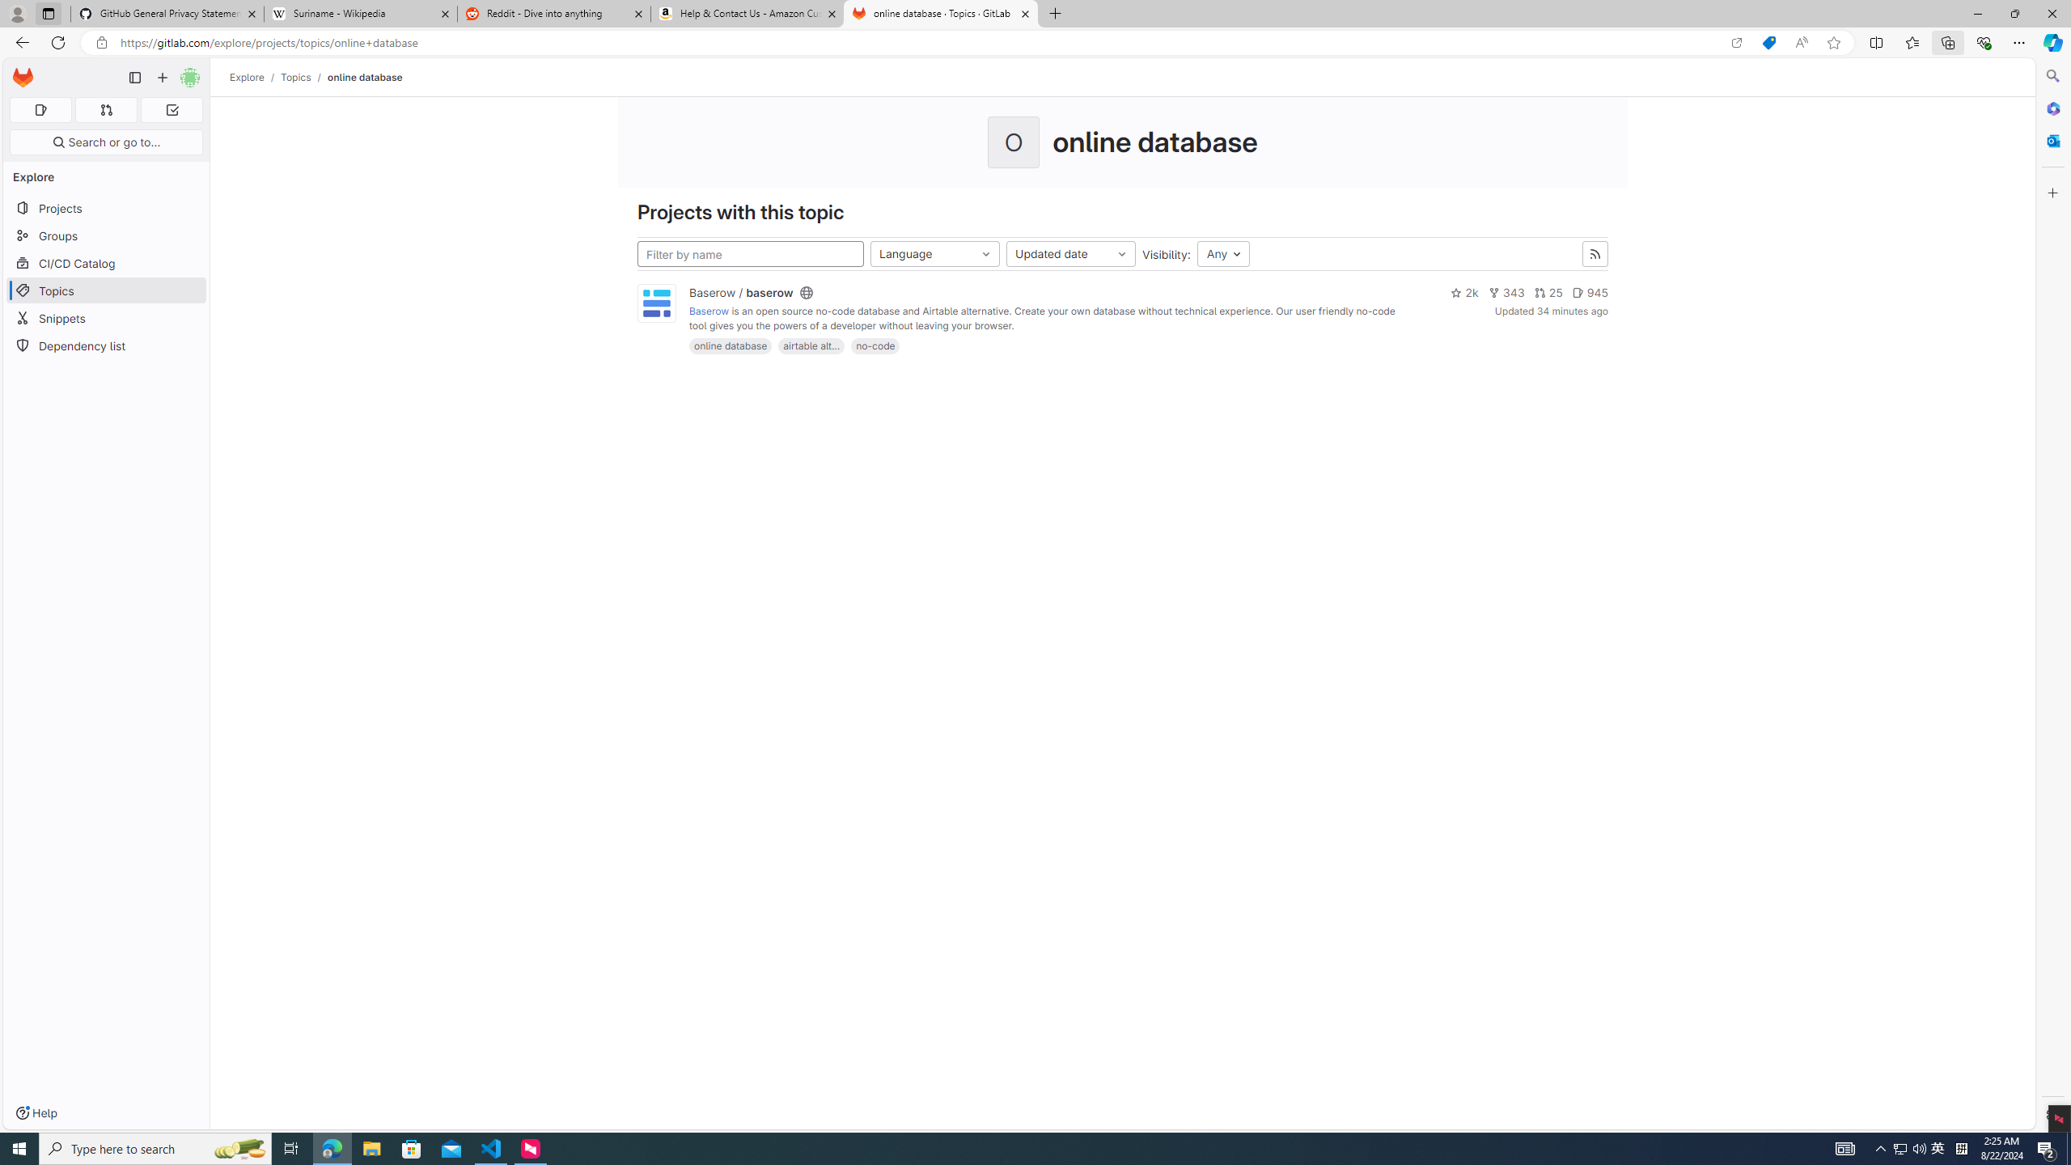 The image size is (2071, 1165). I want to click on 'Class: s16', so click(806, 292).